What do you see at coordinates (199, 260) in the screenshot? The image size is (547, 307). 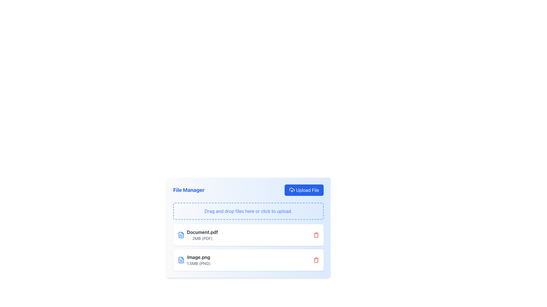 I see `the informational text label displaying details about the file 'Image.png' located in the 'File Manager' interface` at bounding box center [199, 260].